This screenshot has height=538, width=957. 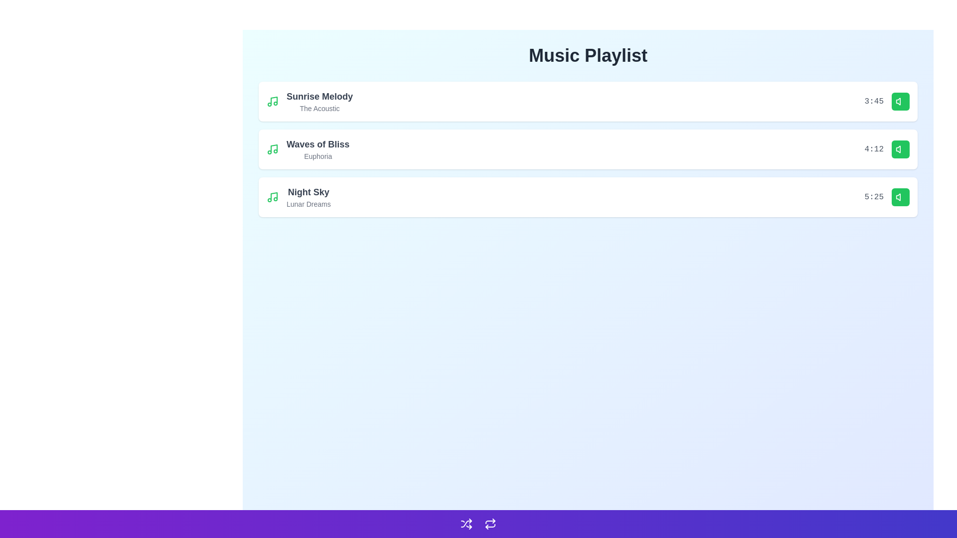 I want to click on the music entry icon located at the far left of the first entry in the playlist, adjacent to the titles 'Sunrise Melody' and 'The Acoustic', so click(x=273, y=102).